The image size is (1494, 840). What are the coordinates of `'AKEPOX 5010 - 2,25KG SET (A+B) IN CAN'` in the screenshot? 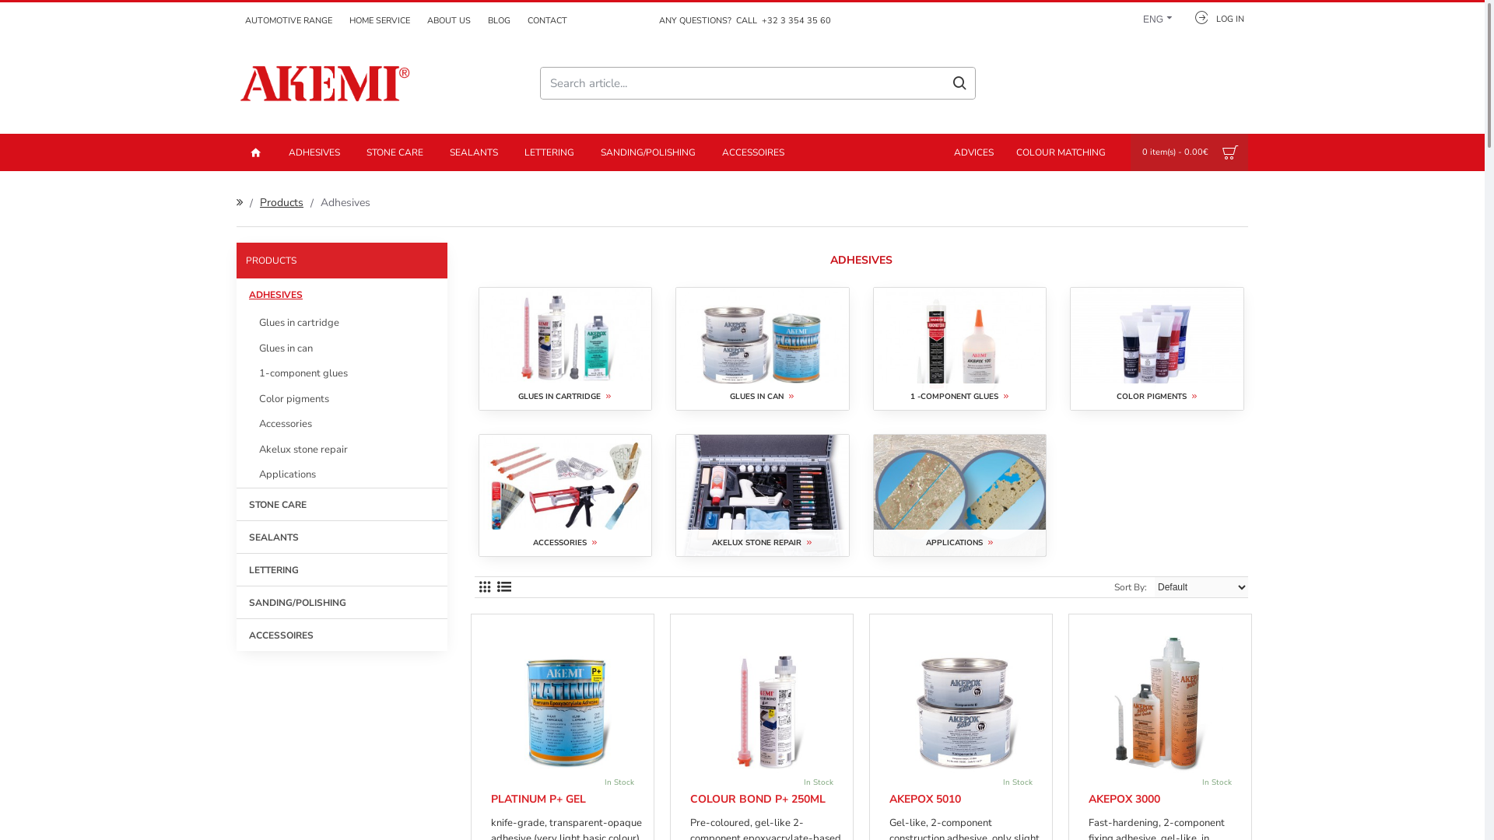 It's located at (963, 702).